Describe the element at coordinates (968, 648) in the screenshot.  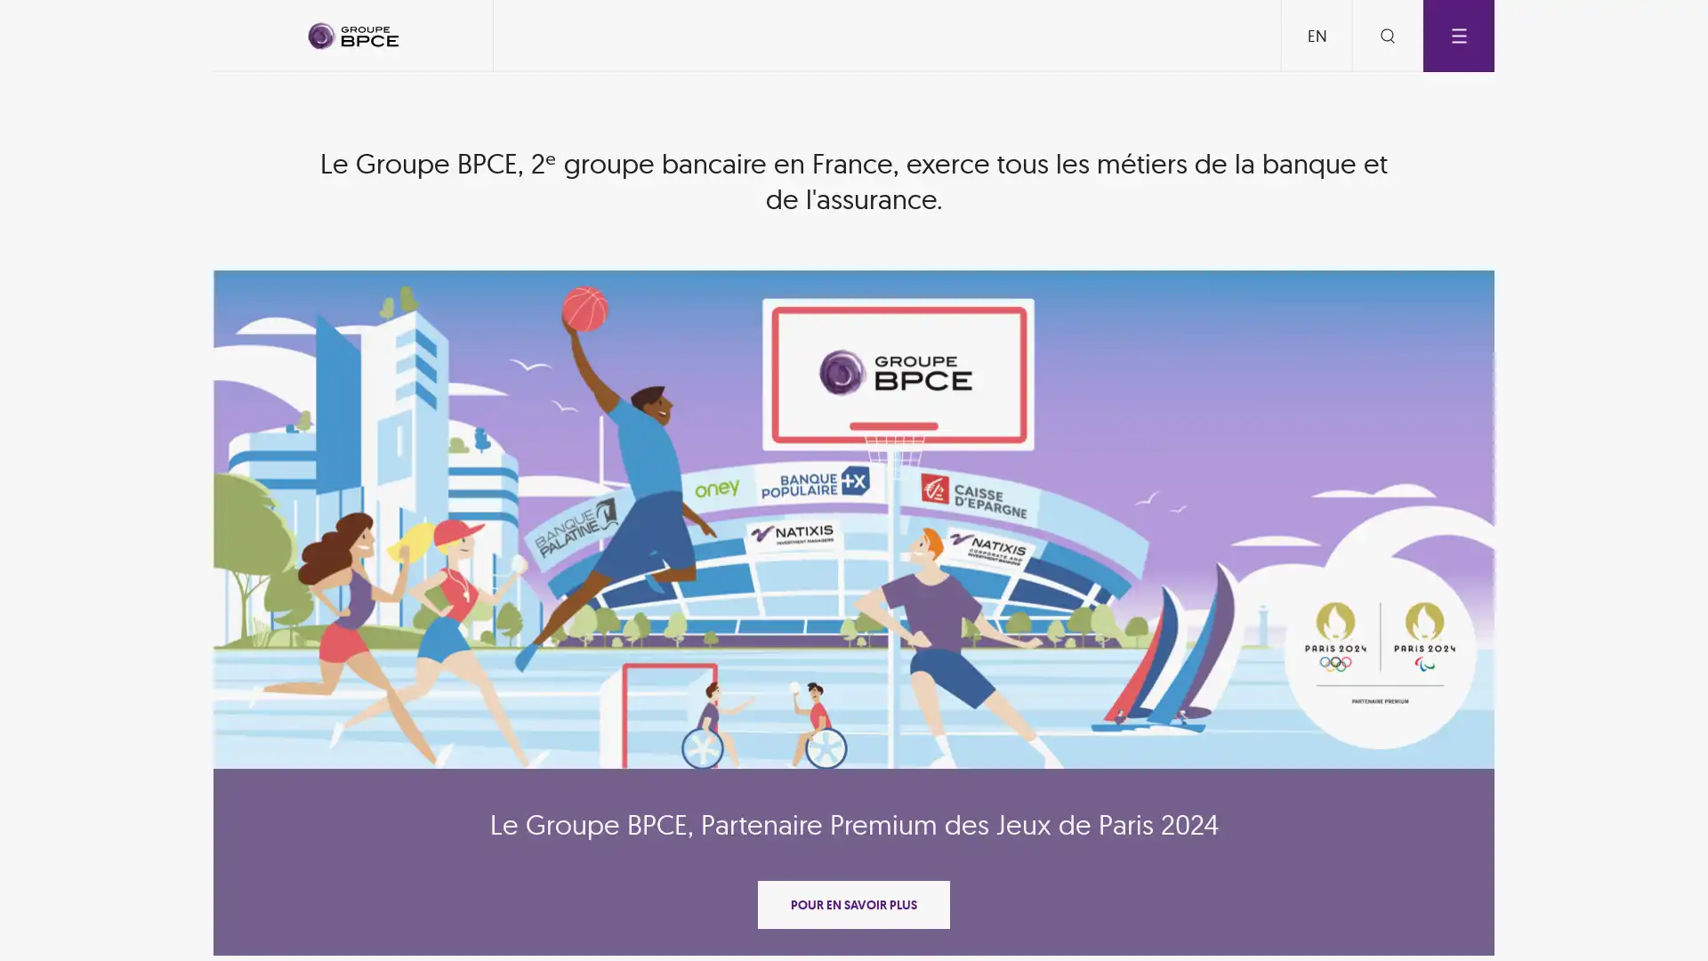
I see `Accept all` at that location.